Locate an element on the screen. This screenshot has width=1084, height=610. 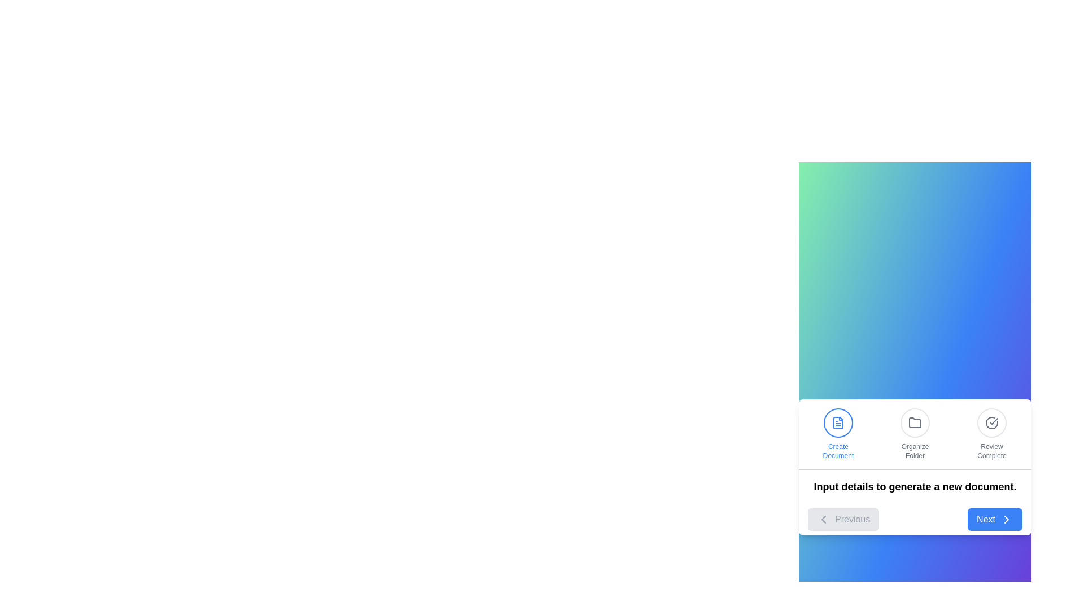
the step icon corresponding to Create Document to navigate to that step is located at coordinates (838, 433).